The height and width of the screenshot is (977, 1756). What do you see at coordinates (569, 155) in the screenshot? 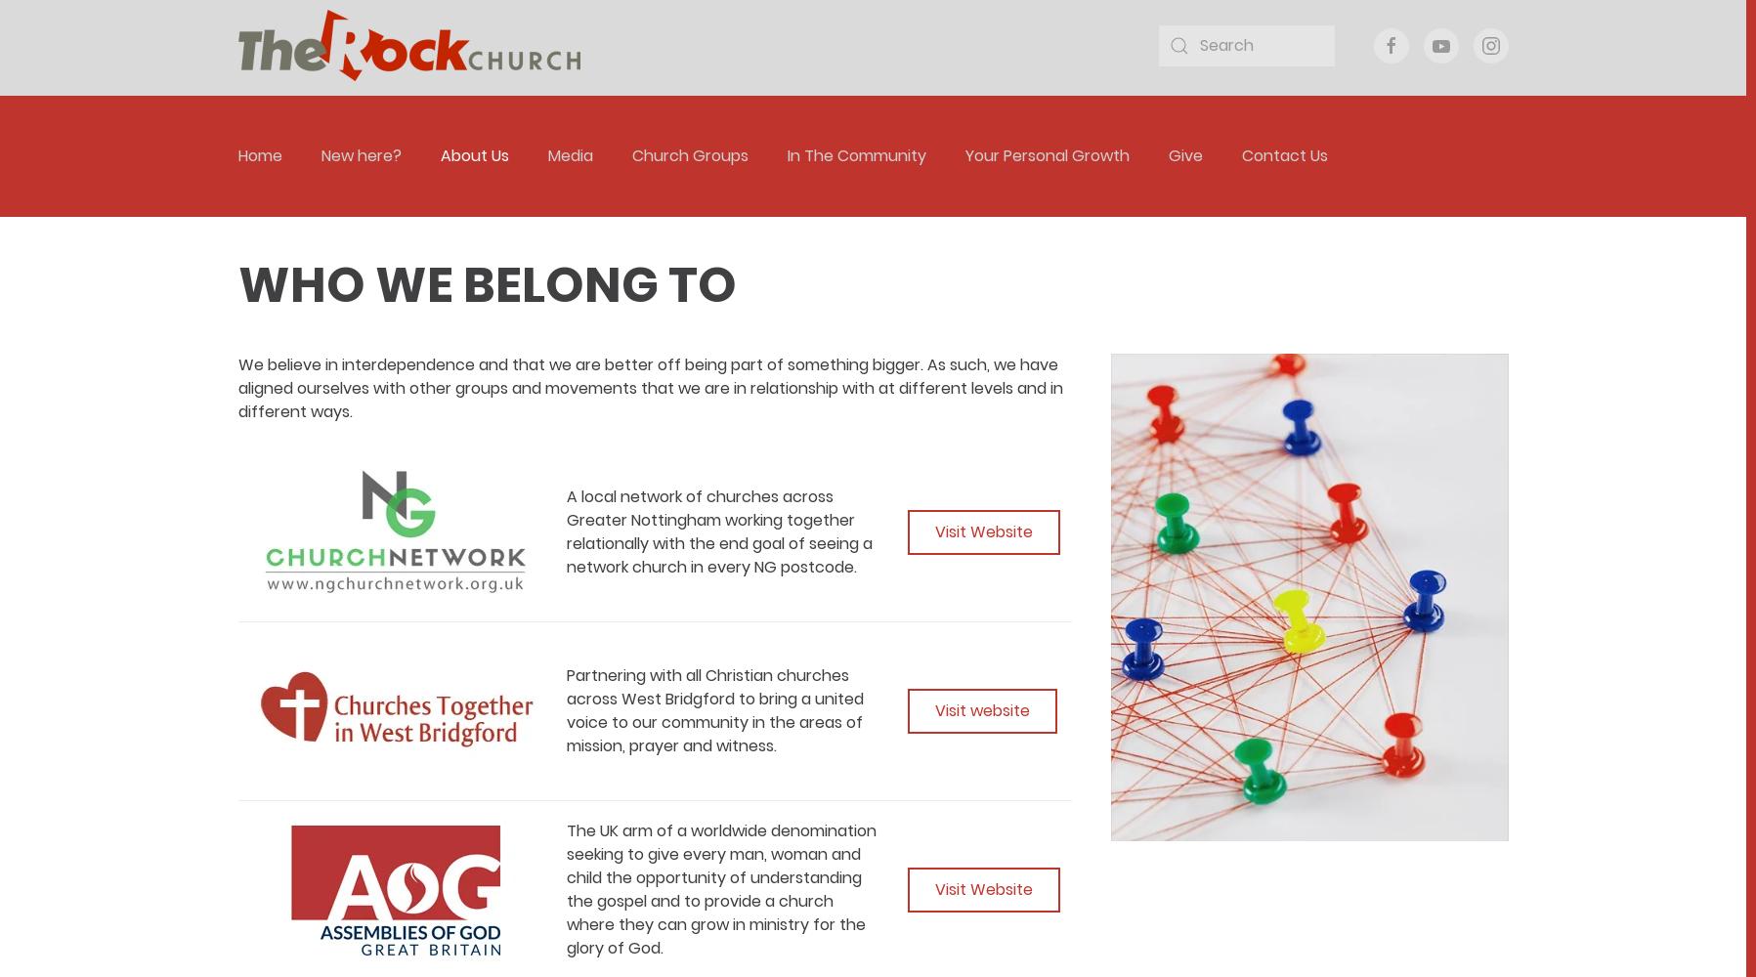
I see `'Media'` at bounding box center [569, 155].